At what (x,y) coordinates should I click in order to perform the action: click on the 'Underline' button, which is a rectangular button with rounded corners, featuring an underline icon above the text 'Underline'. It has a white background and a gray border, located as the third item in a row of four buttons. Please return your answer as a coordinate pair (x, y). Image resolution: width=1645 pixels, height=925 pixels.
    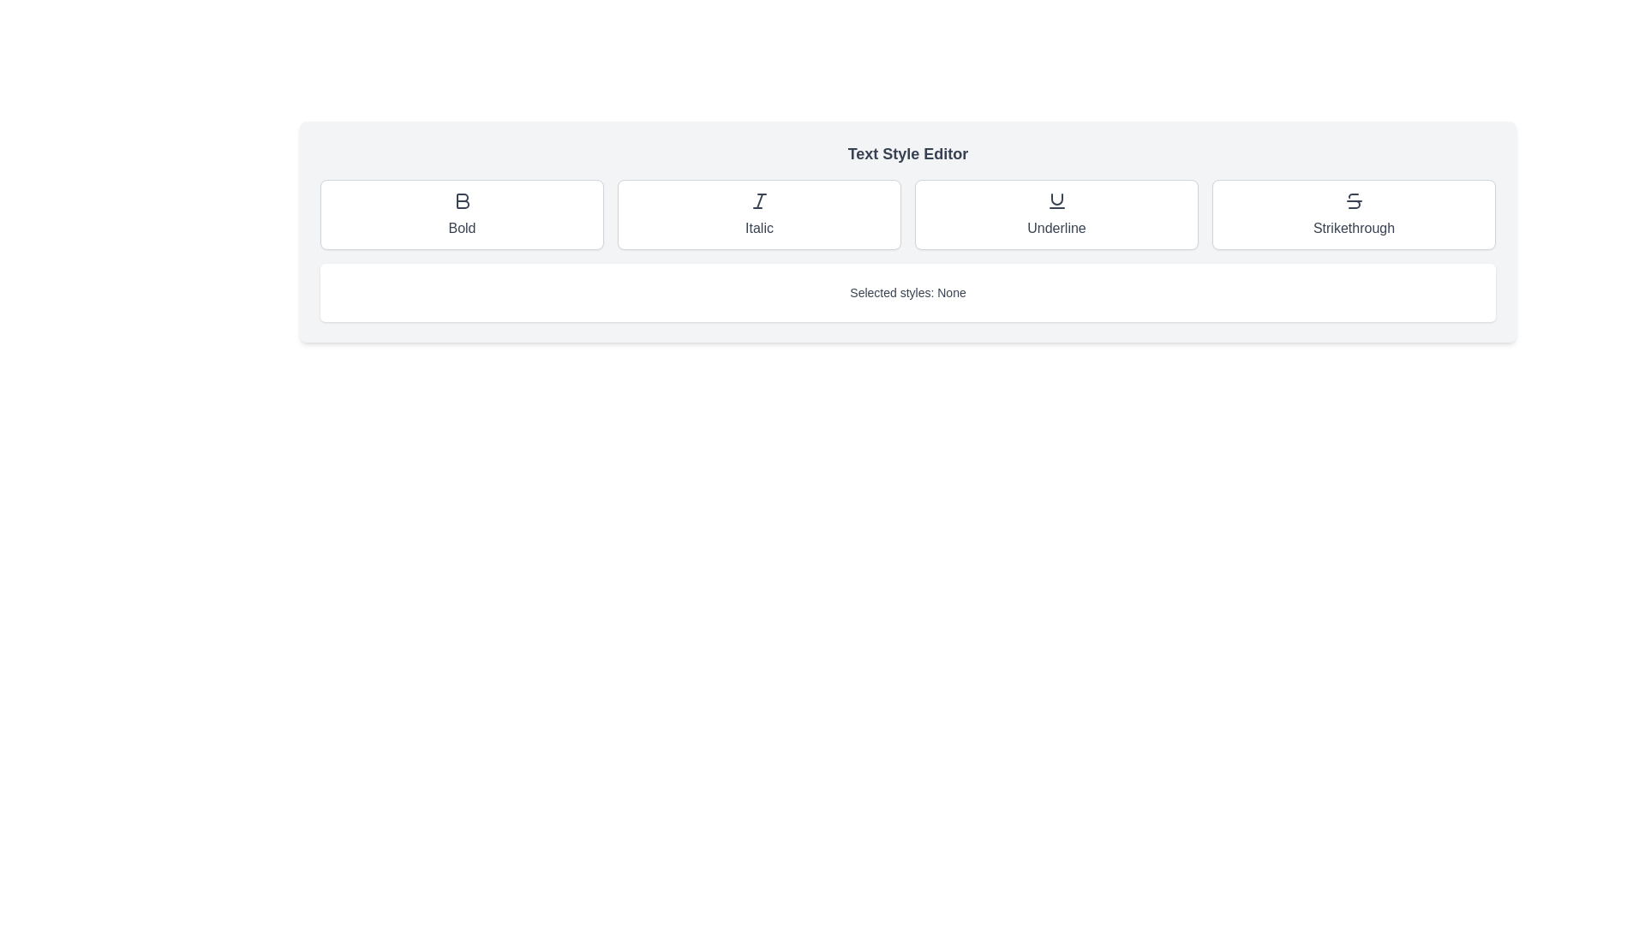
    Looking at the image, I should click on (1056, 213).